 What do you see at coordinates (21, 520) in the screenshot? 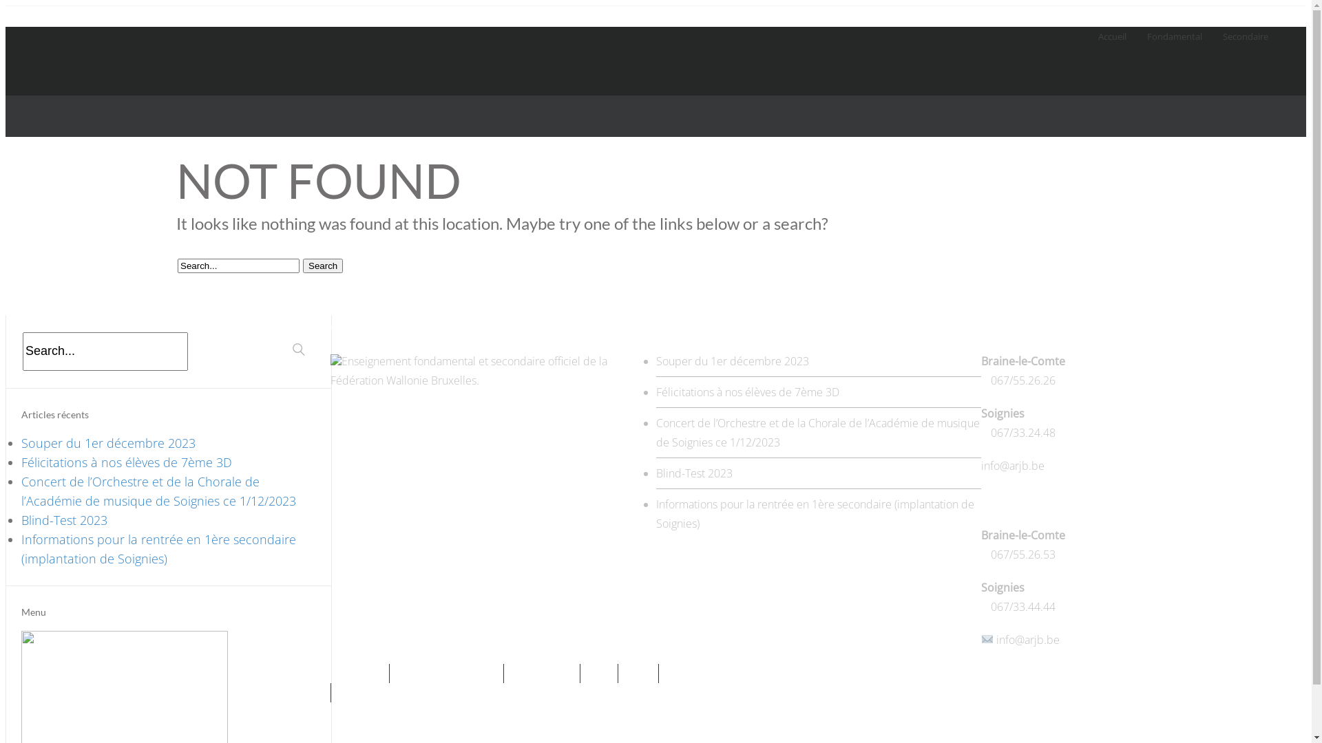
I see `'Blind-Test 2023'` at bounding box center [21, 520].